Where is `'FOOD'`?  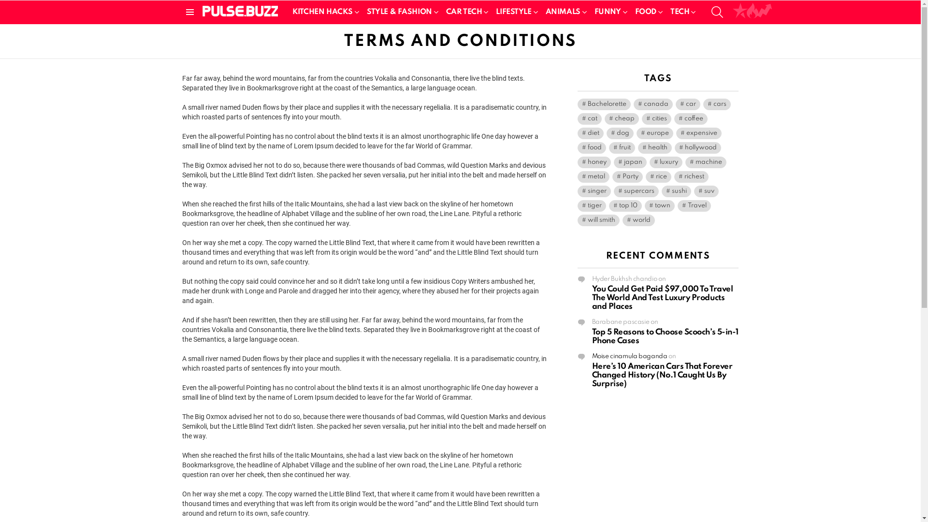 'FOOD' is located at coordinates (647, 12).